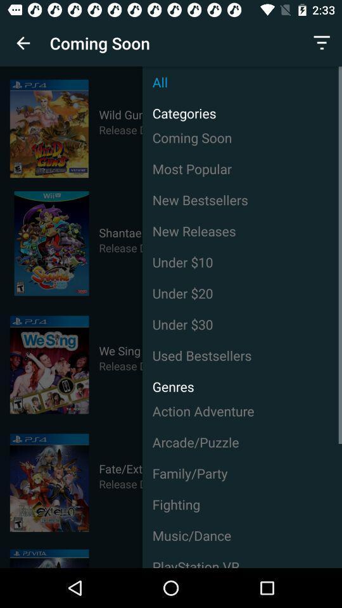 This screenshot has height=608, width=342. Describe the element at coordinates (242, 355) in the screenshot. I see `the used bestsellers item` at that location.